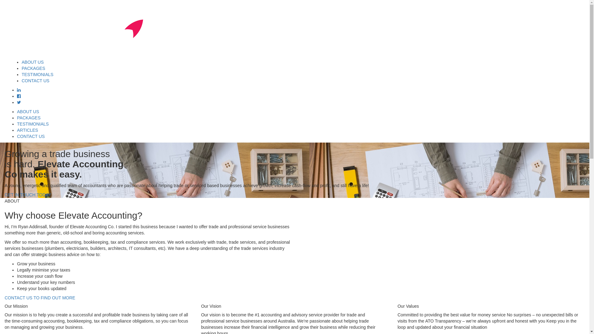 Image resolution: width=594 pixels, height=334 pixels. What do you see at coordinates (32, 124) in the screenshot?
I see `'TESTIMONIALS'` at bounding box center [32, 124].